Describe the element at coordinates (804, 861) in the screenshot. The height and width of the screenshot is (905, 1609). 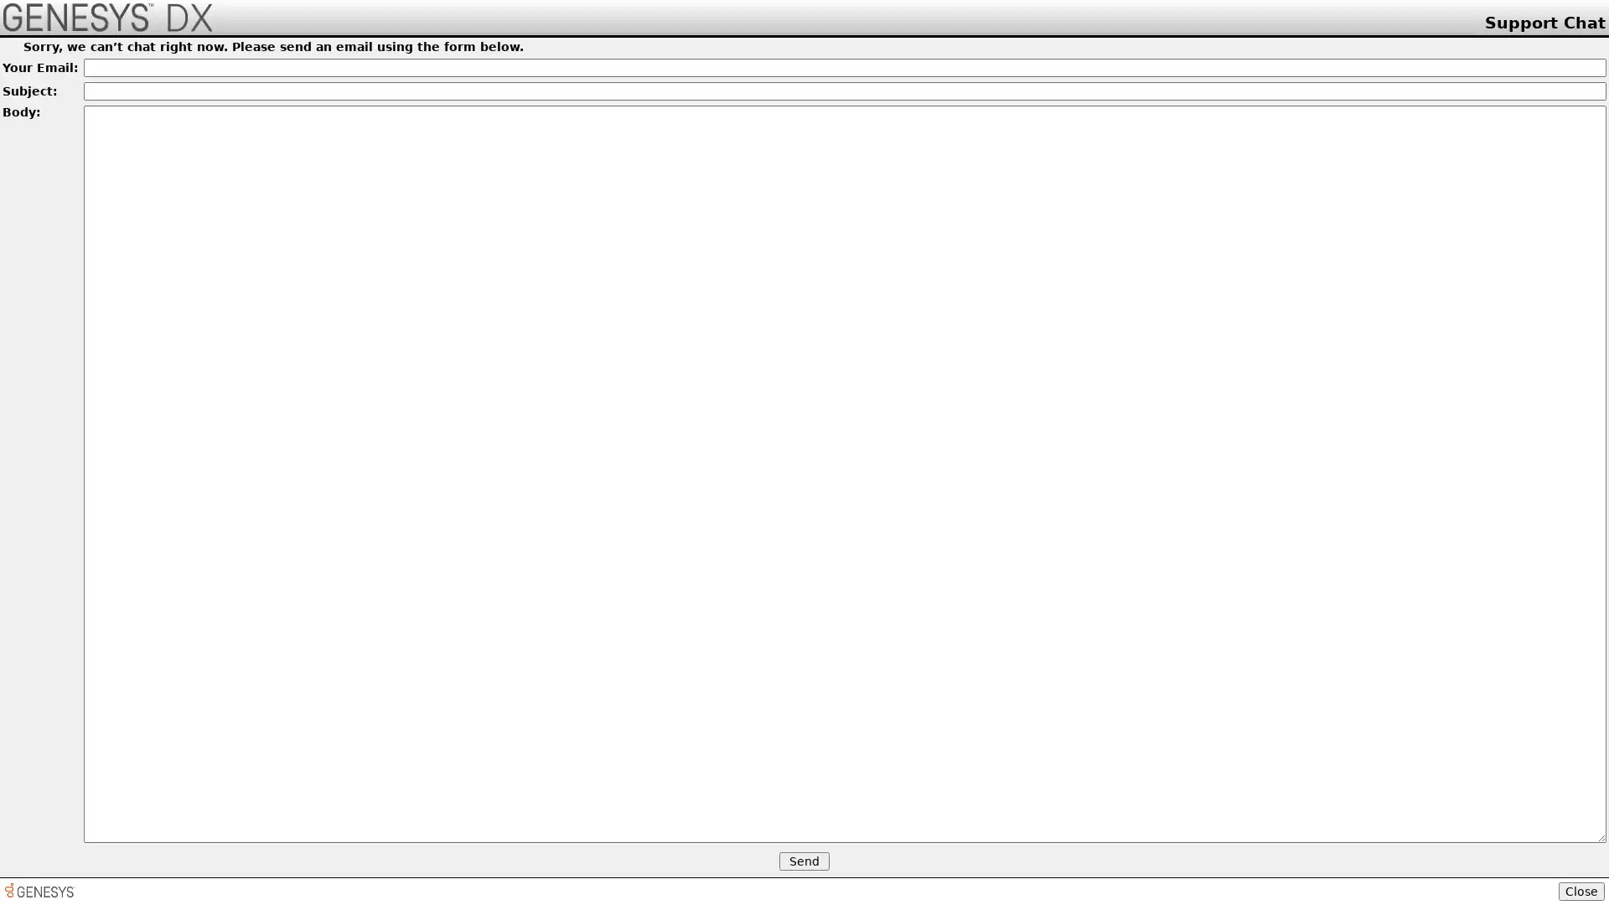
I see `Send` at that location.